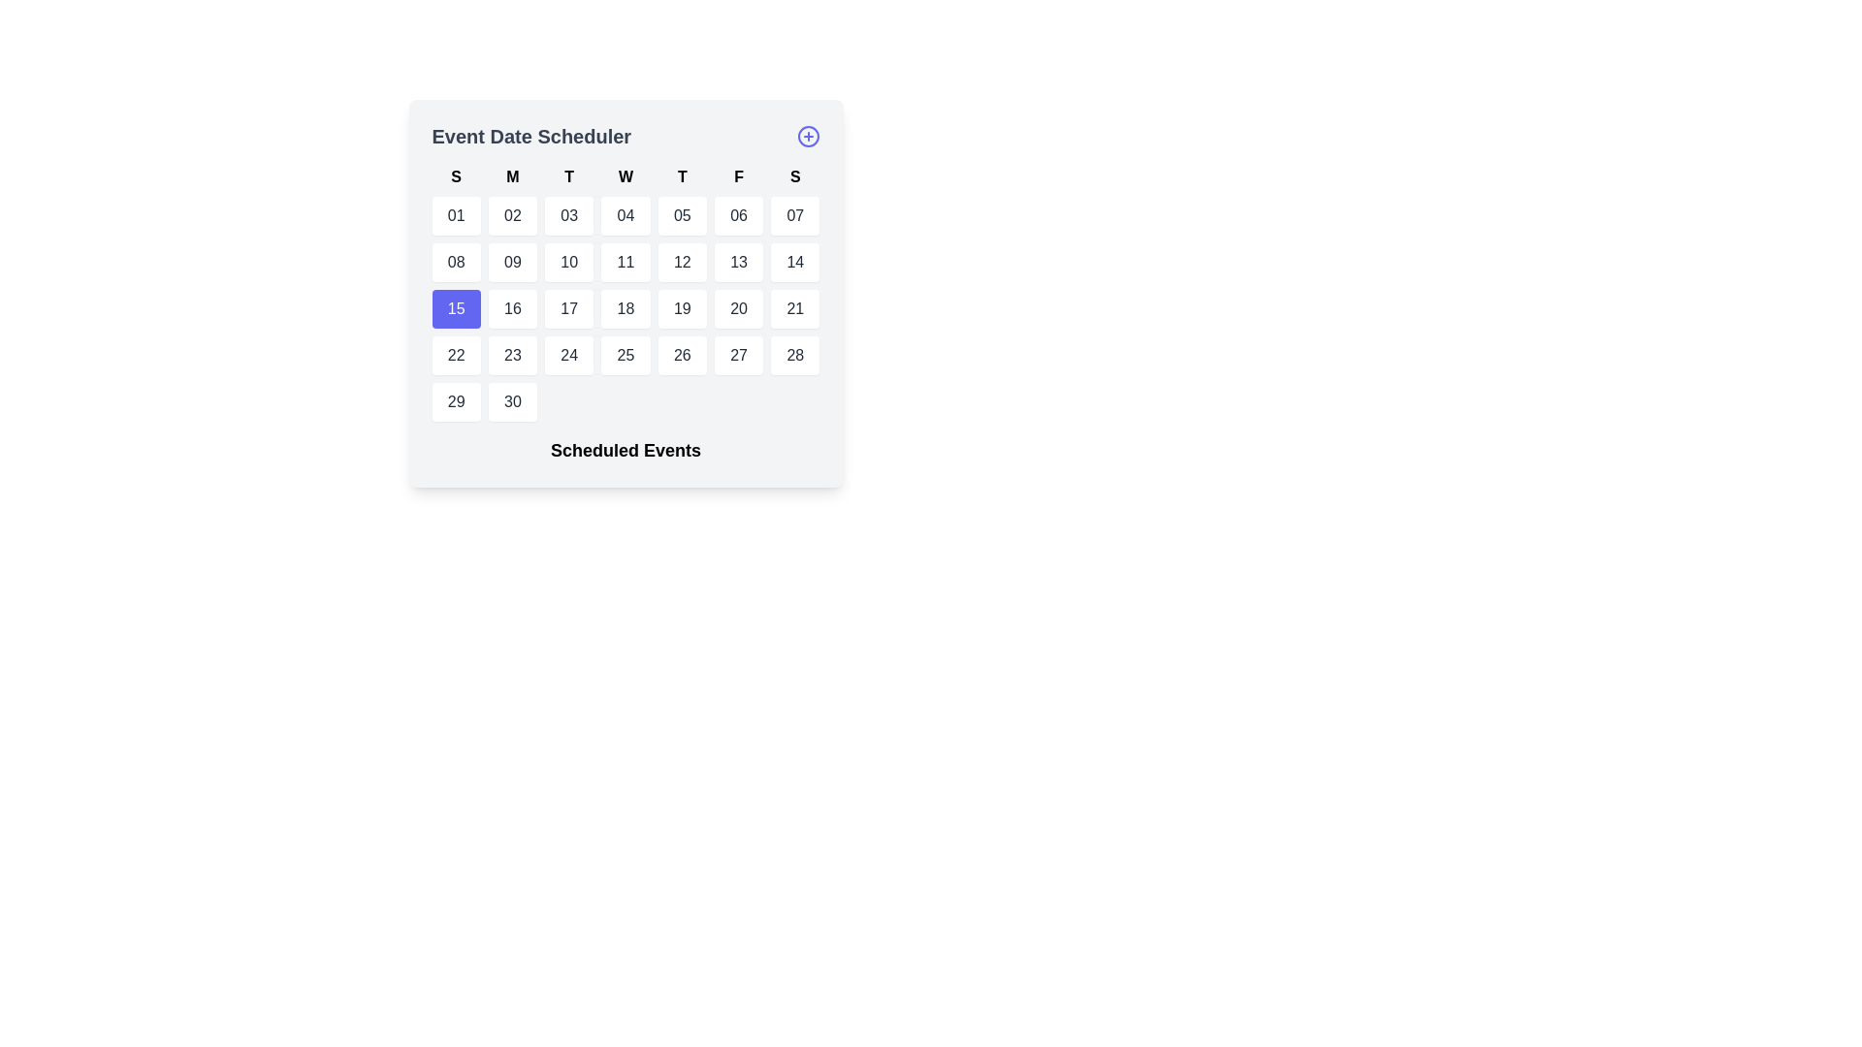  What do you see at coordinates (512, 262) in the screenshot?
I see `the selectable day button representing the ninth day in the calendar interface` at bounding box center [512, 262].